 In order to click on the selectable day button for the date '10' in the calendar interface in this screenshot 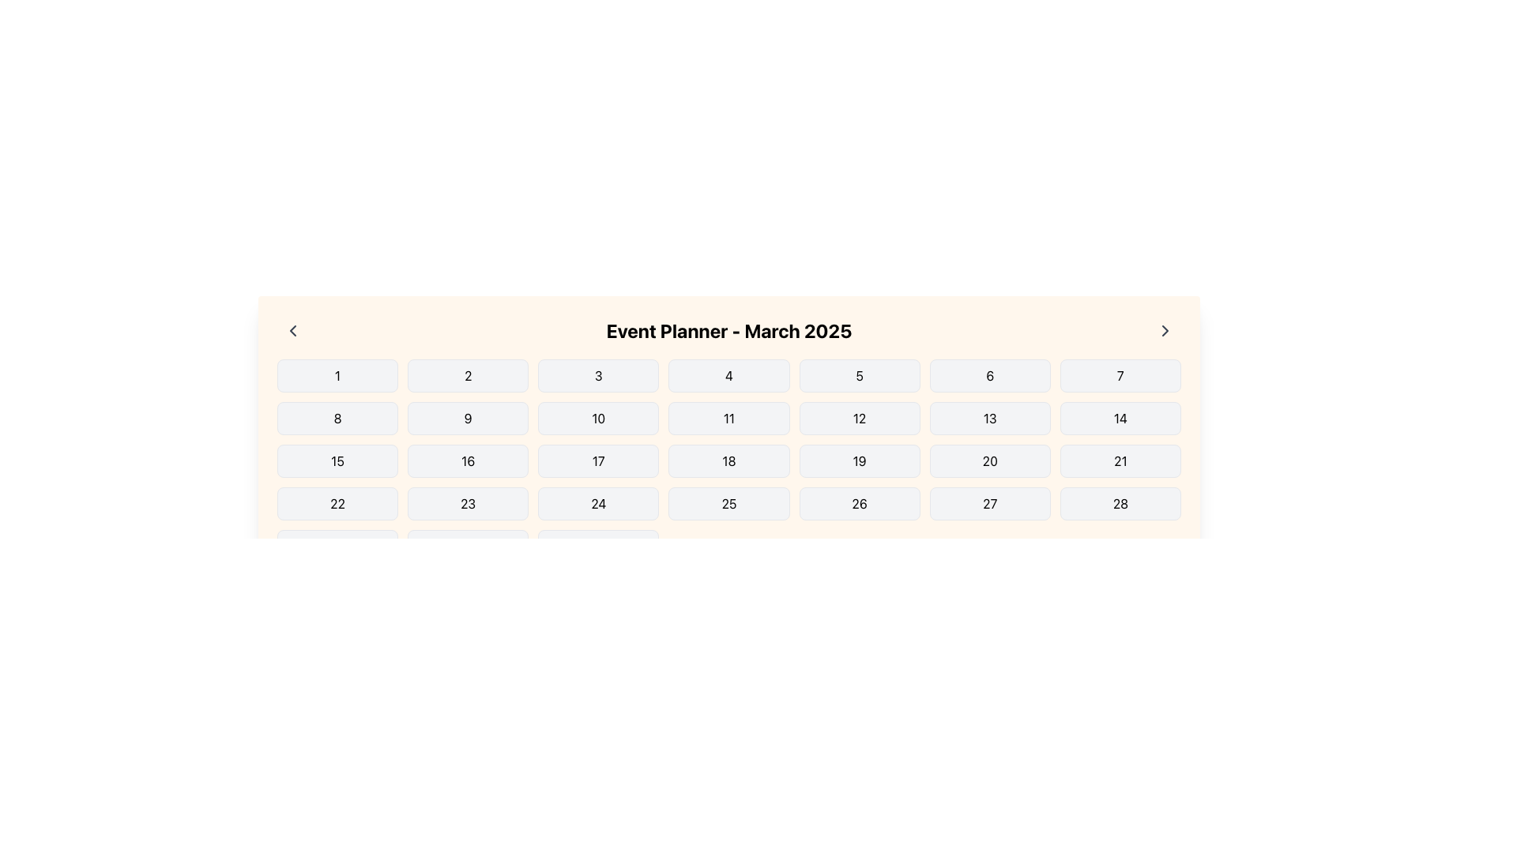, I will do `click(597, 417)`.